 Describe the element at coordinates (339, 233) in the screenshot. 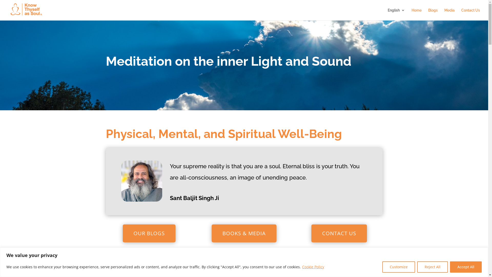

I see `'CONTACT US'` at that location.